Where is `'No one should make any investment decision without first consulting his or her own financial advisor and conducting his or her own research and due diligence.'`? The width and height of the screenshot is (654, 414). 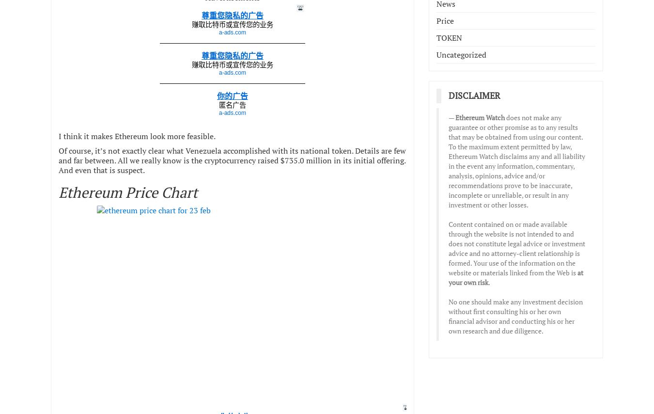 'No one should make any investment decision without first consulting his or her own financial advisor and conducting his or her own research and due diligence.' is located at coordinates (515, 316).